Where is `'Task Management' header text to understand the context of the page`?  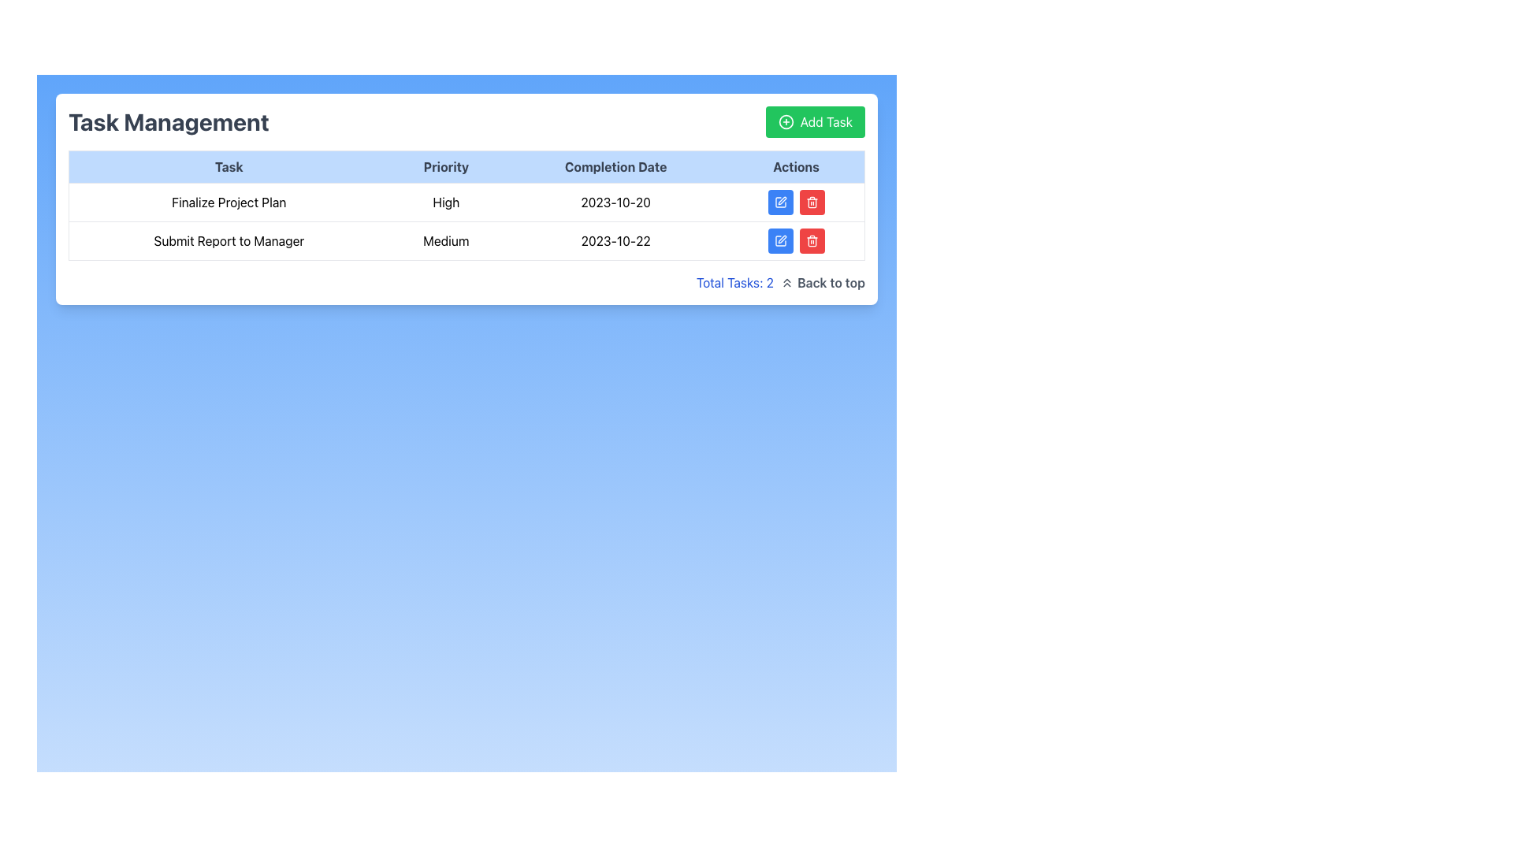 'Task Management' header text to understand the context of the page is located at coordinates (169, 121).